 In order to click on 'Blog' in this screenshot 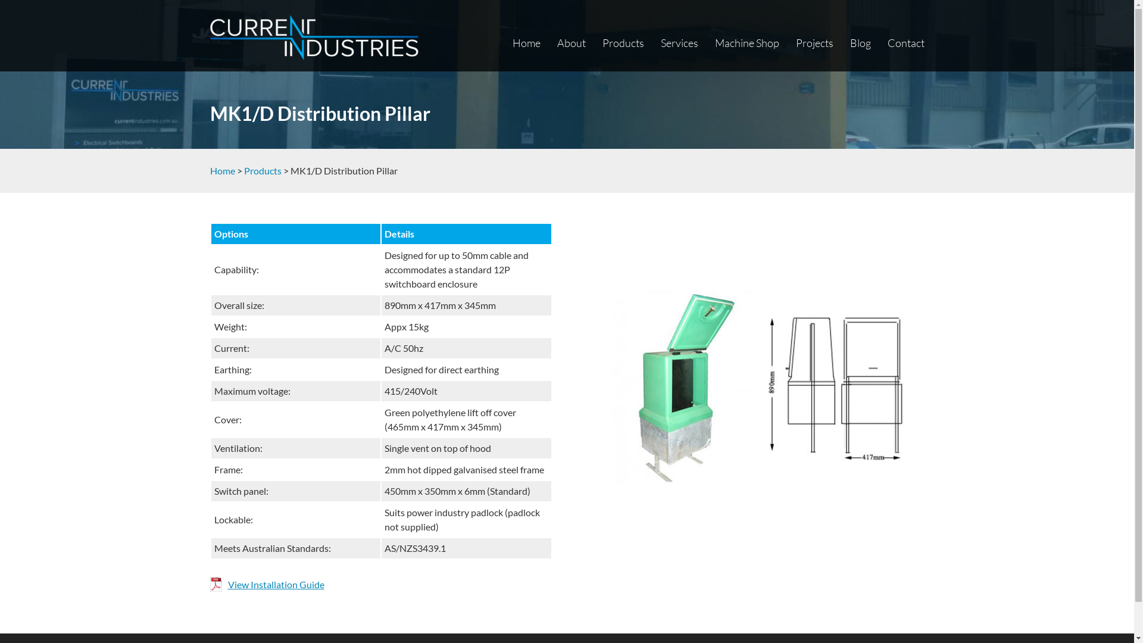, I will do `click(860, 42)`.